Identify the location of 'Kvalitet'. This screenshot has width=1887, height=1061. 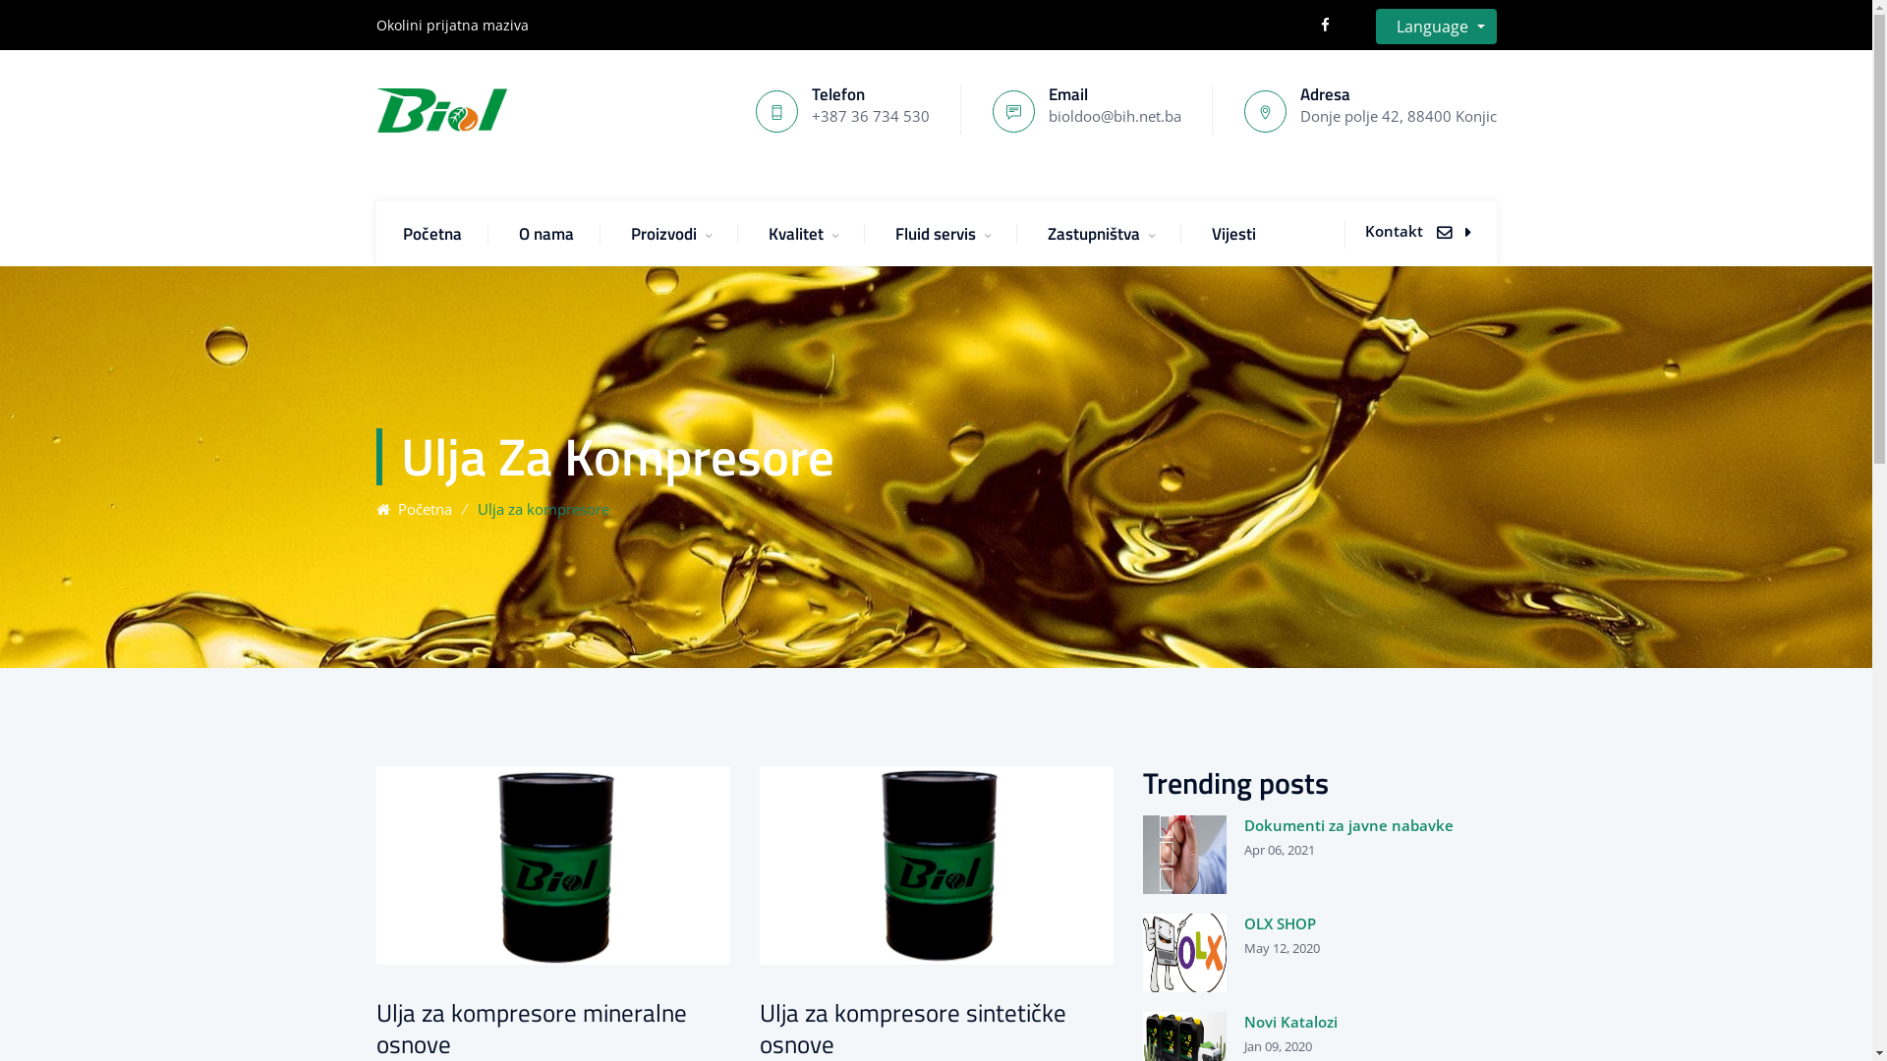
(768, 232).